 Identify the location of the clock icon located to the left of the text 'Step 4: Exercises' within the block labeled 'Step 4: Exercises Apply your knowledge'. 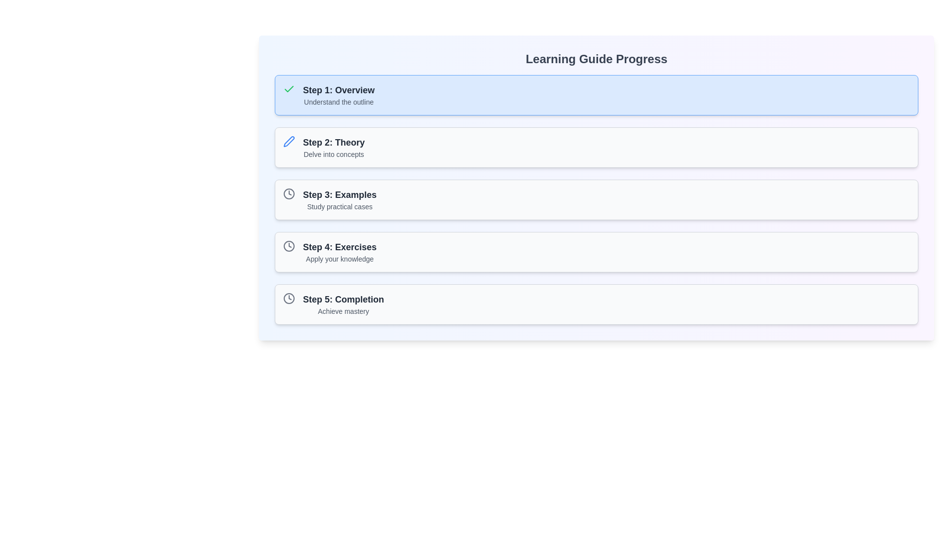
(289, 245).